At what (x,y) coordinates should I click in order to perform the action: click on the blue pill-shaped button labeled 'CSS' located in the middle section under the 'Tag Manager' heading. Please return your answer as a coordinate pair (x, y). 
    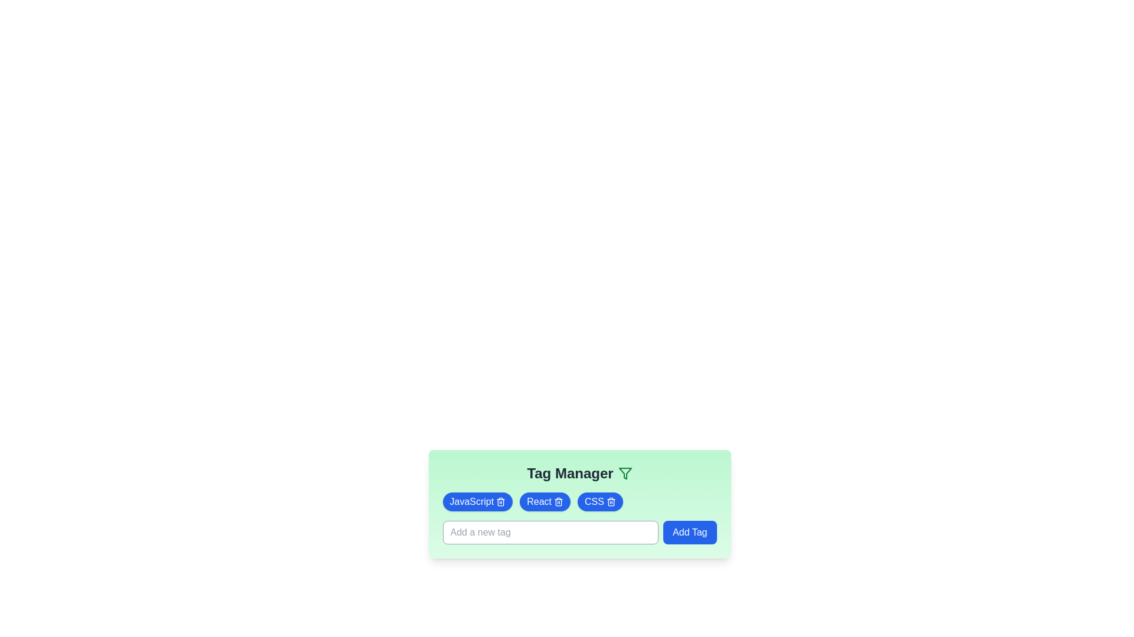
    Looking at the image, I should click on (579, 504).